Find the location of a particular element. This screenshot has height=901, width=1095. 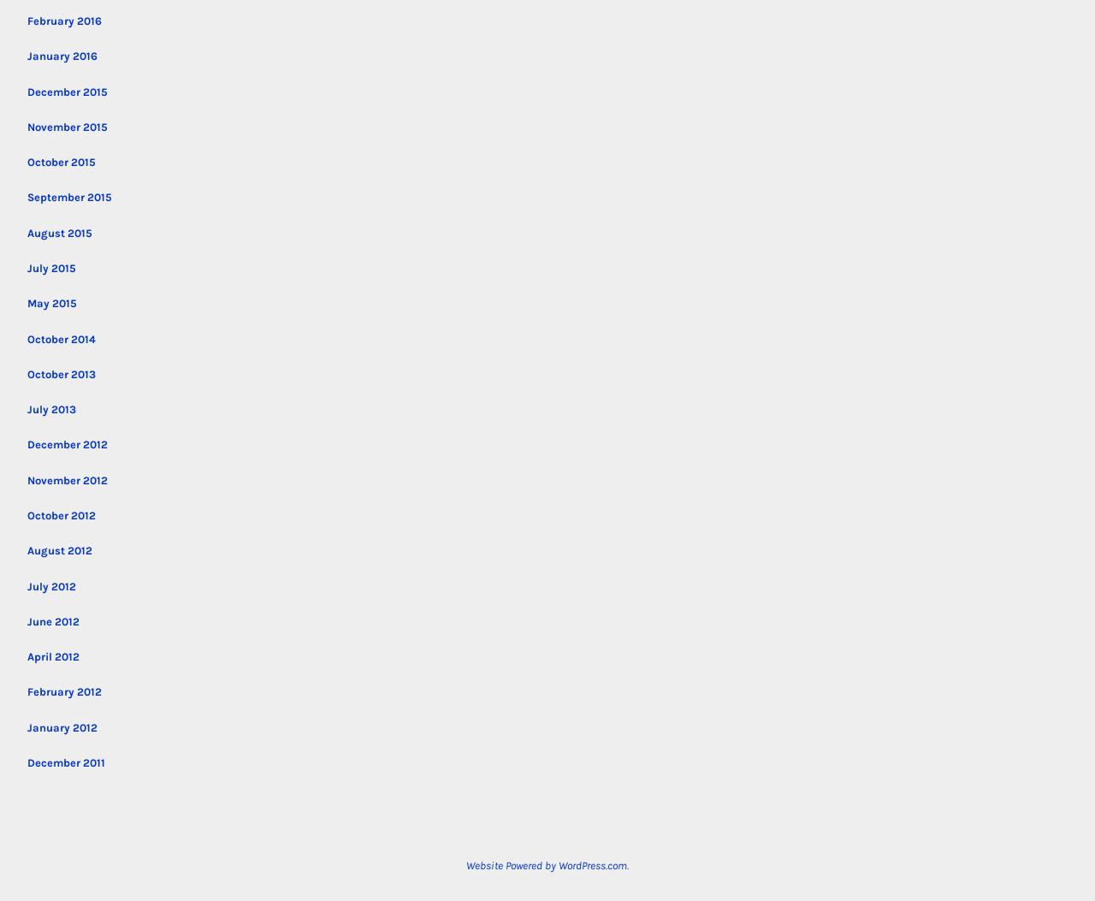

'April 2012' is located at coordinates (53, 656).